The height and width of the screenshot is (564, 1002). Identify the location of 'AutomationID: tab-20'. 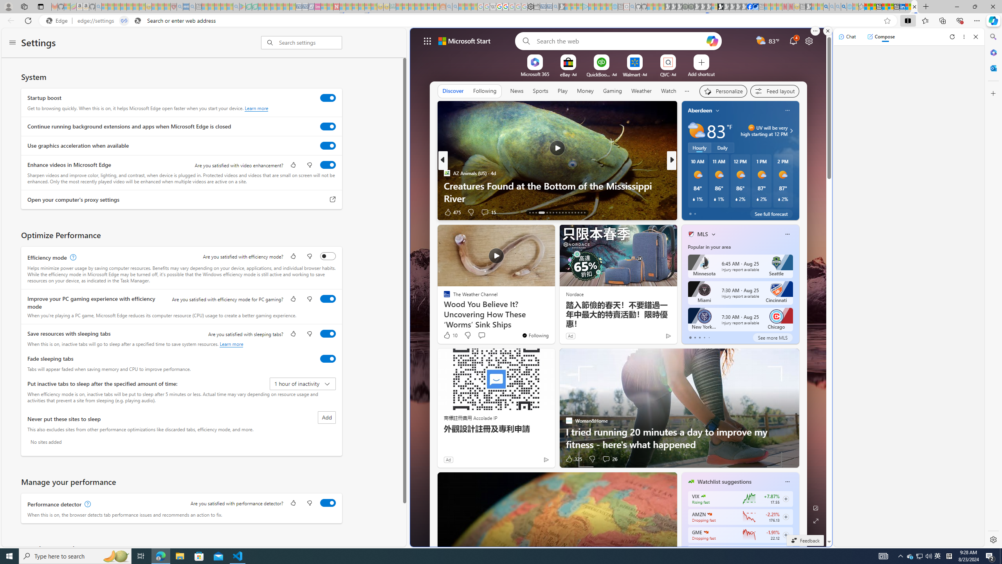
(557, 212).